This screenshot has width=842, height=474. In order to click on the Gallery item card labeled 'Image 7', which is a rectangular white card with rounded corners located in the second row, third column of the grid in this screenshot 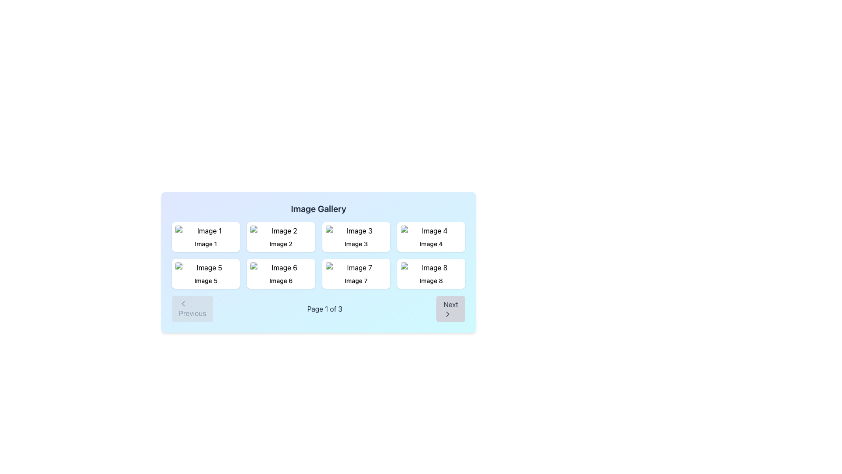, I will do `click(356, 273)`.